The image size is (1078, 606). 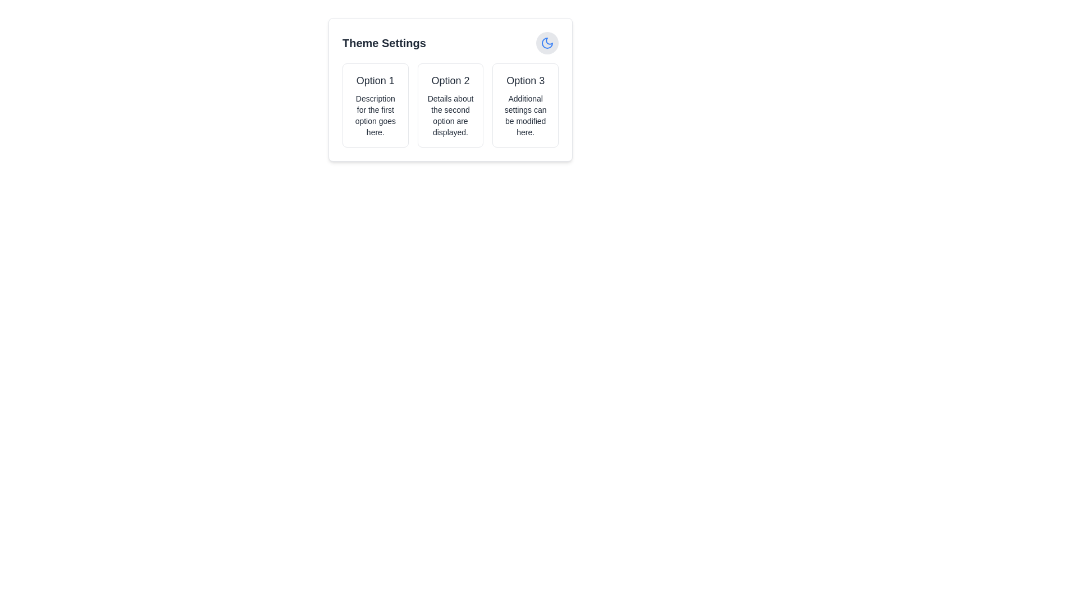 What do you see at coordinates (450, 89) in the screenshot?
I see `the Informational card element that describes the second configuration option in the Theme Settings section` at bounding box center [450, 89].